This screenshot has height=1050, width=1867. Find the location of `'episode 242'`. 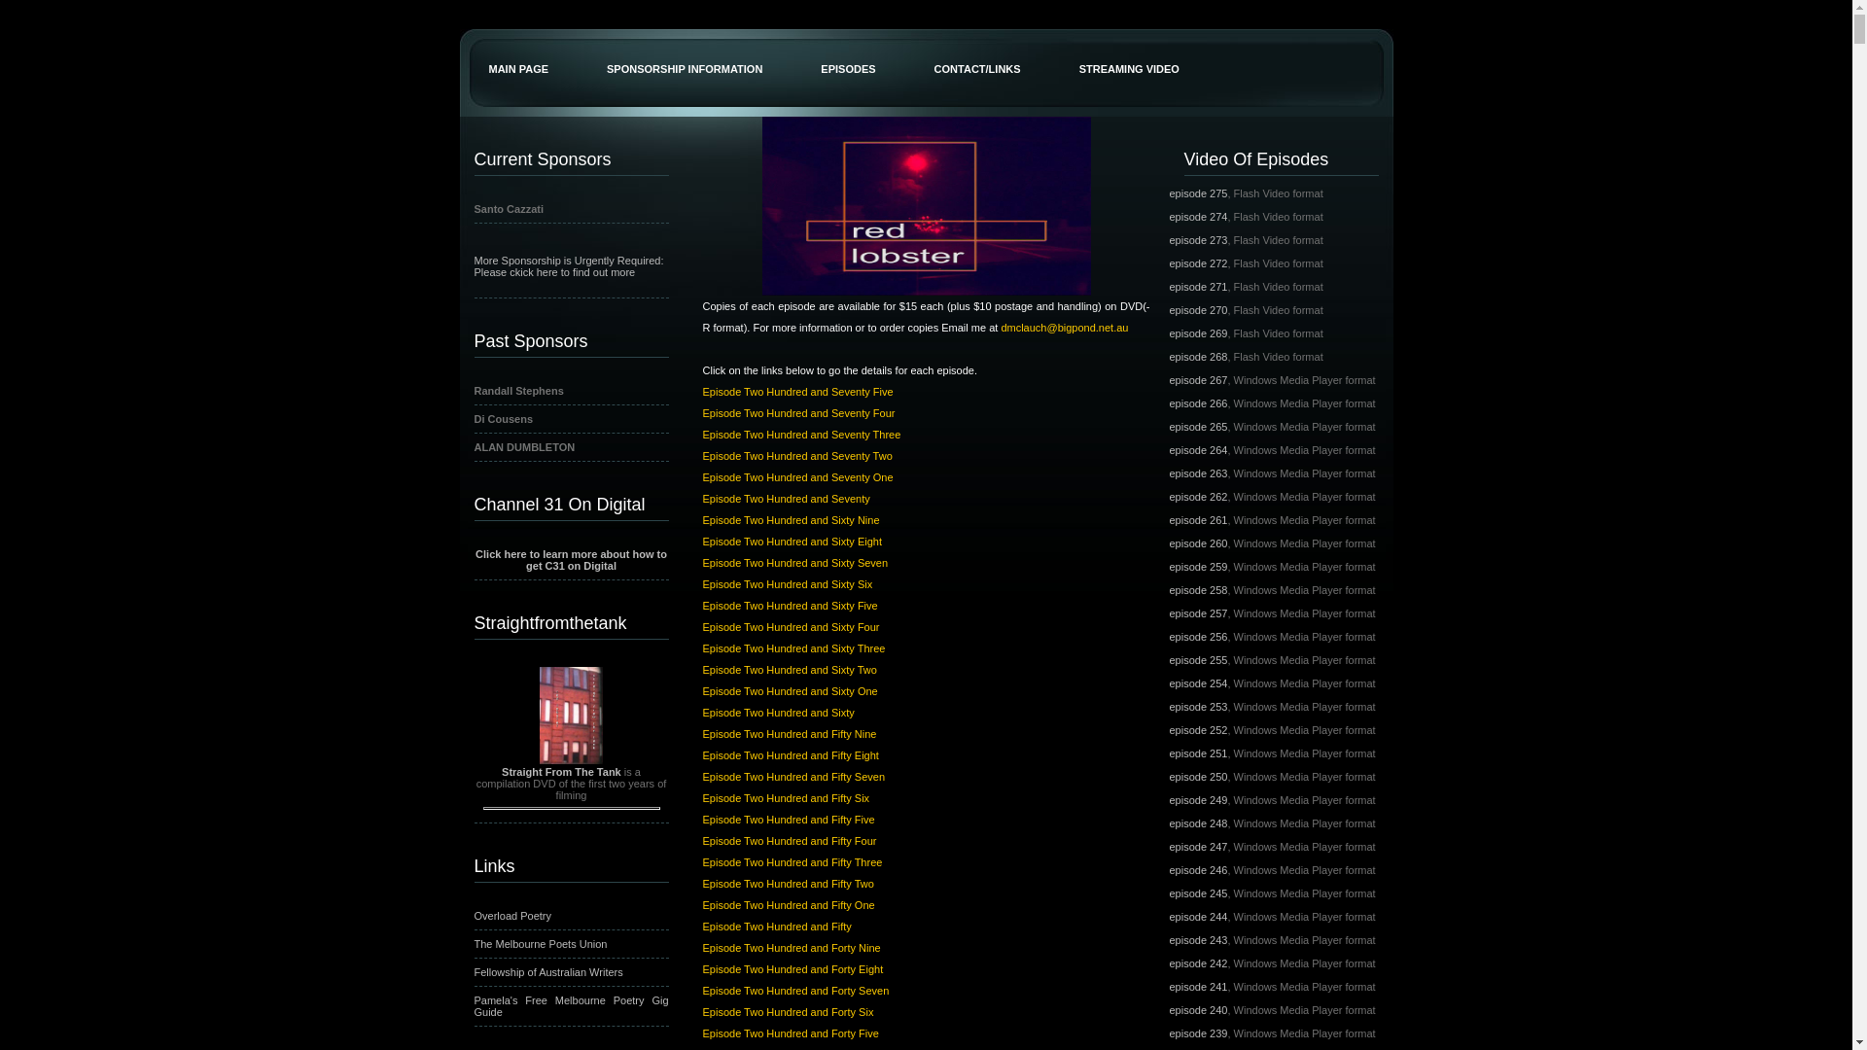

'episode 242' is located at coordinates (1197, 963).